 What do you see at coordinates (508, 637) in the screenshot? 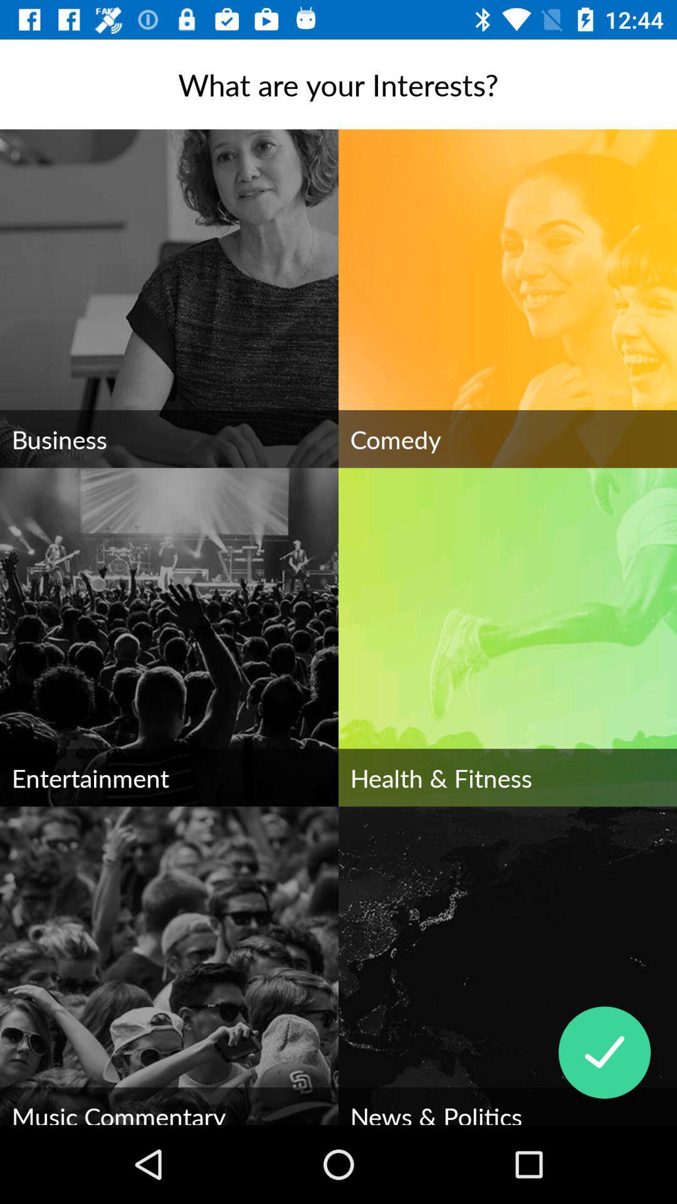
I see `the image health  fitness on the web page` at bounding box center [508, 637].